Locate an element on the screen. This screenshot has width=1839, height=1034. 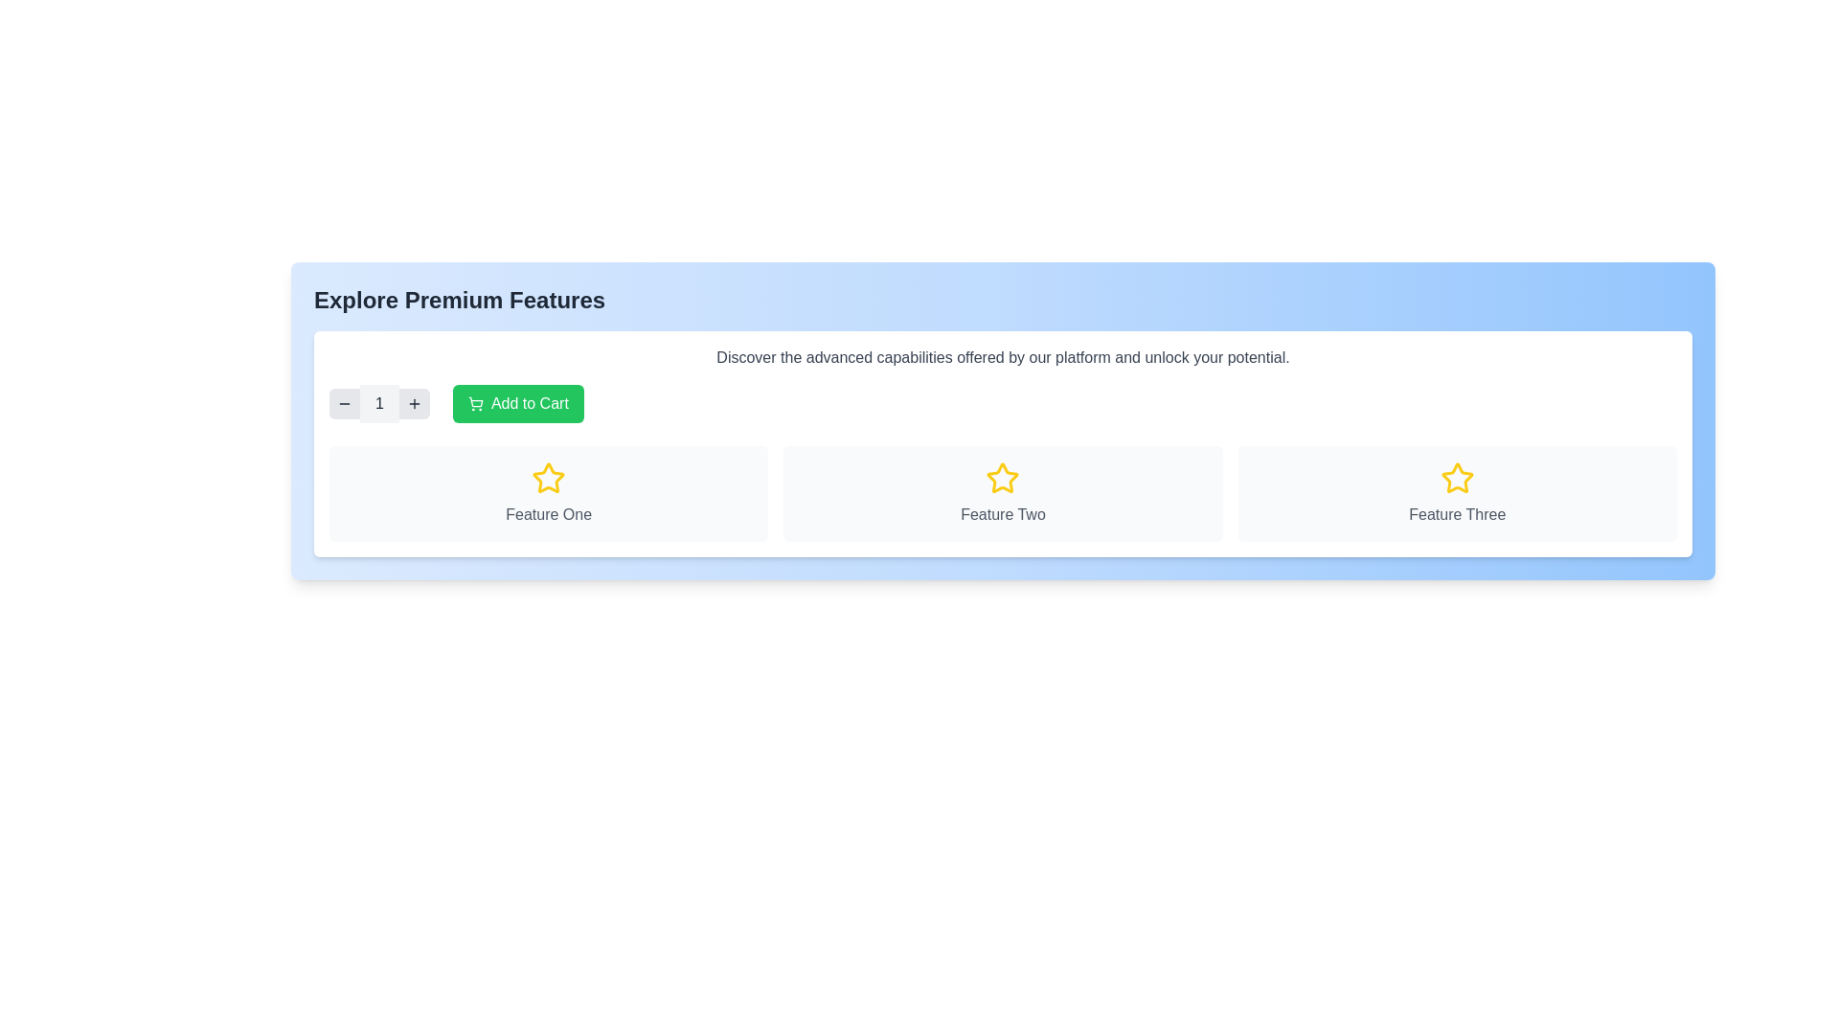
the Informative card labeled 'Feature One', which is the first column in a three-column grid layout, positioned beneath a section with buttons and a heading is located at coordinates (548, 493).